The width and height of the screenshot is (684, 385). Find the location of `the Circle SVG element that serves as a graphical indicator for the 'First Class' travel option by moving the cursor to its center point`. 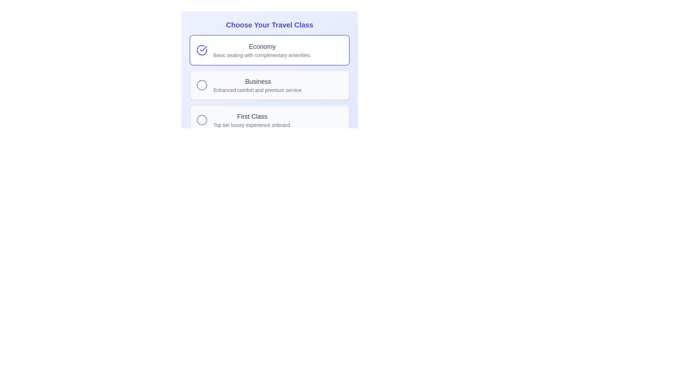

the Circle SVG element that serves as a graphical indicator for the 'First Class' travel option by moving the cursor to its center point is located at coordinates (201, 119).